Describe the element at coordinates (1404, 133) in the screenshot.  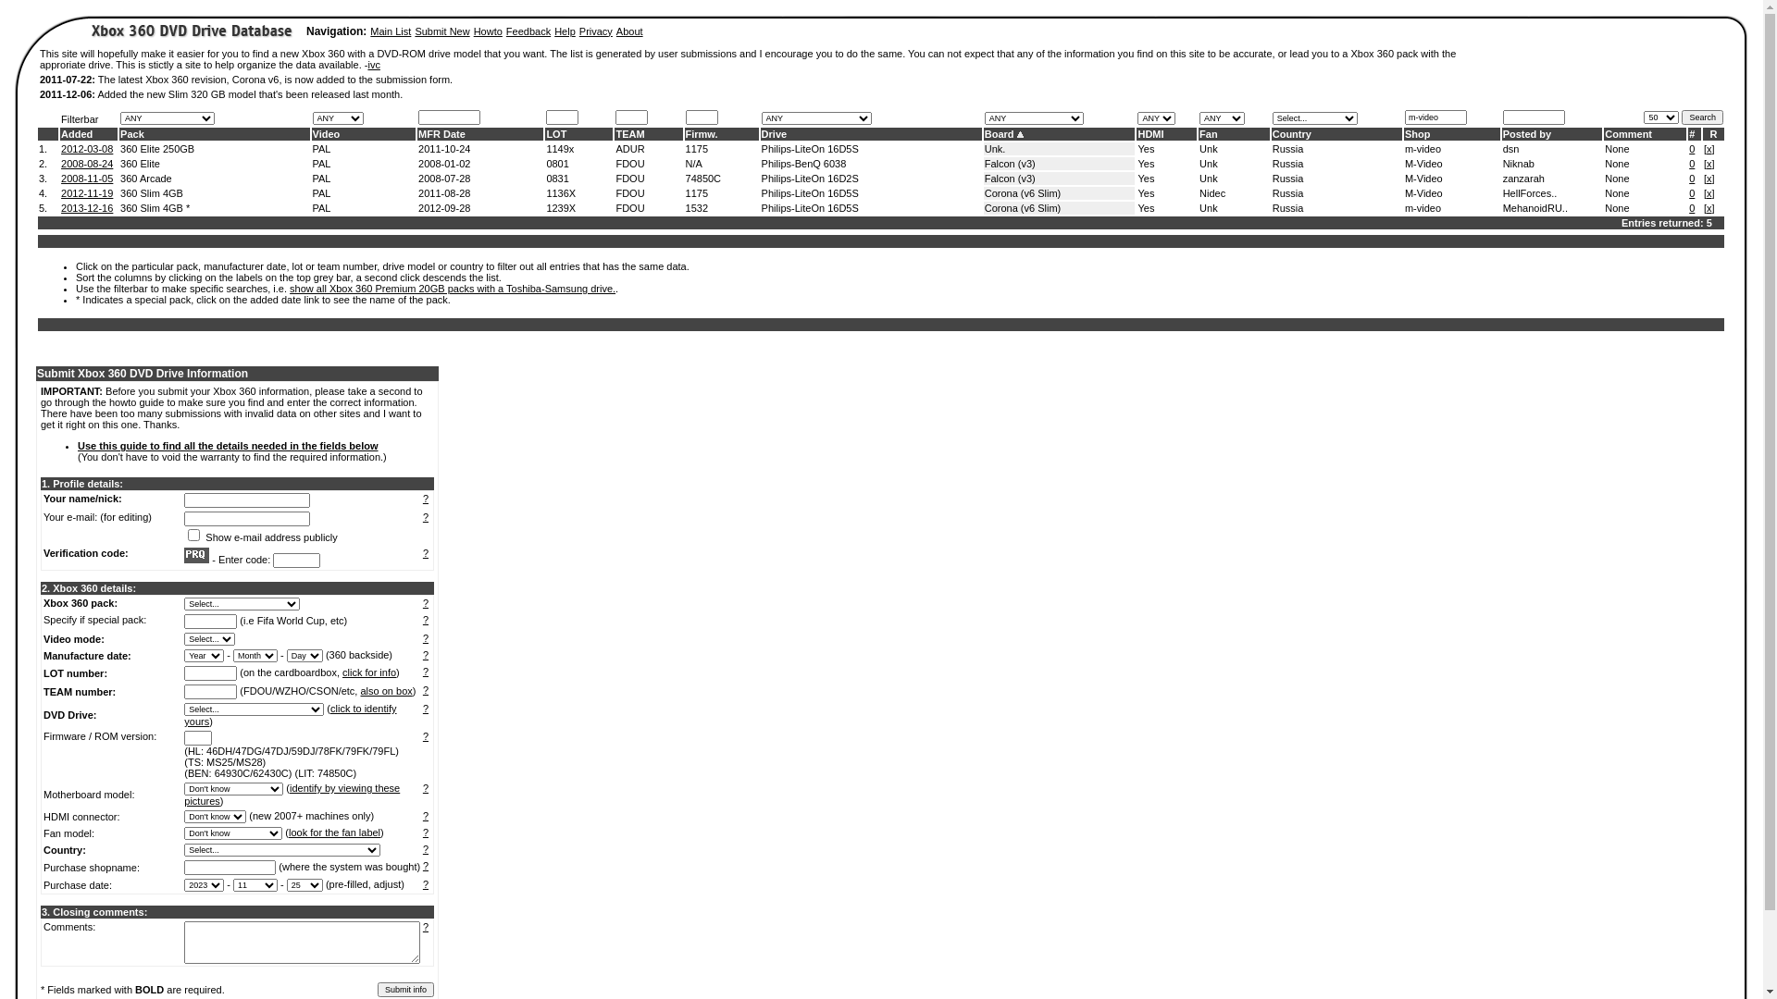
I see `'Shop'` at that location.